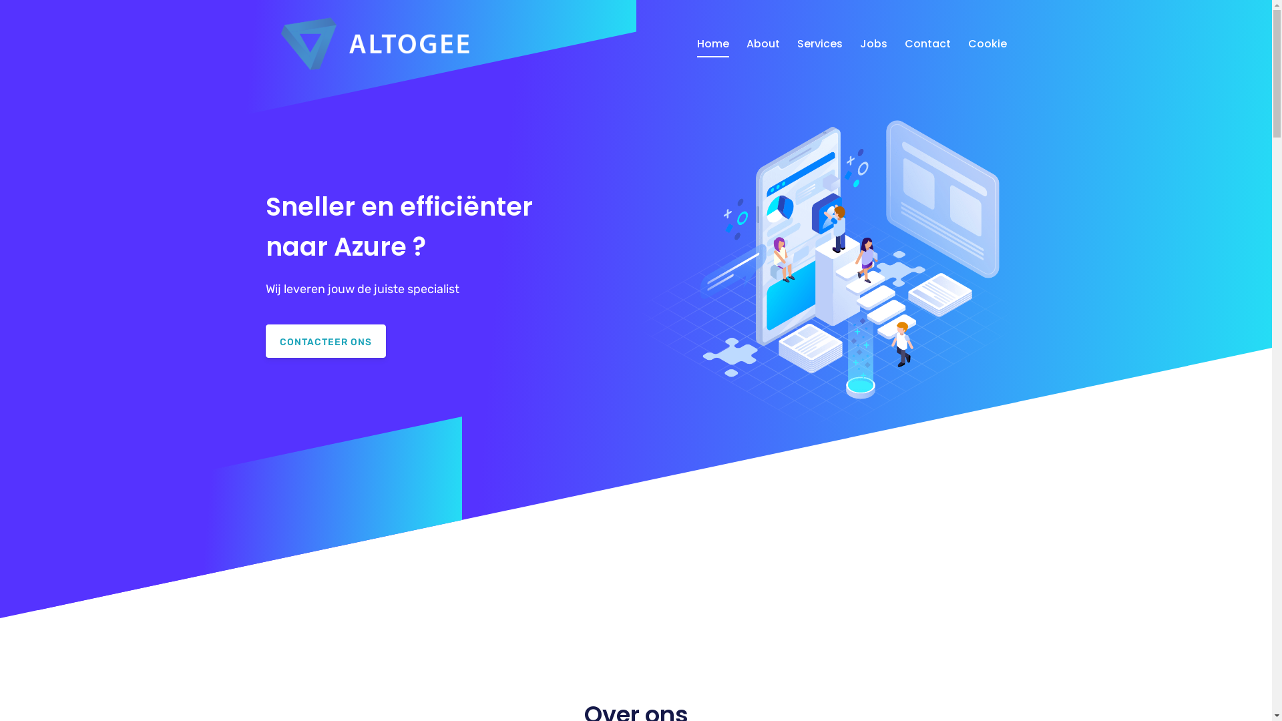 This screenshot has height=721, width=1282. What do you see at coordinates (326, 340) in the screenshot?
I see `'CONTACTEER ONS'` at bounding box center [326, 340].